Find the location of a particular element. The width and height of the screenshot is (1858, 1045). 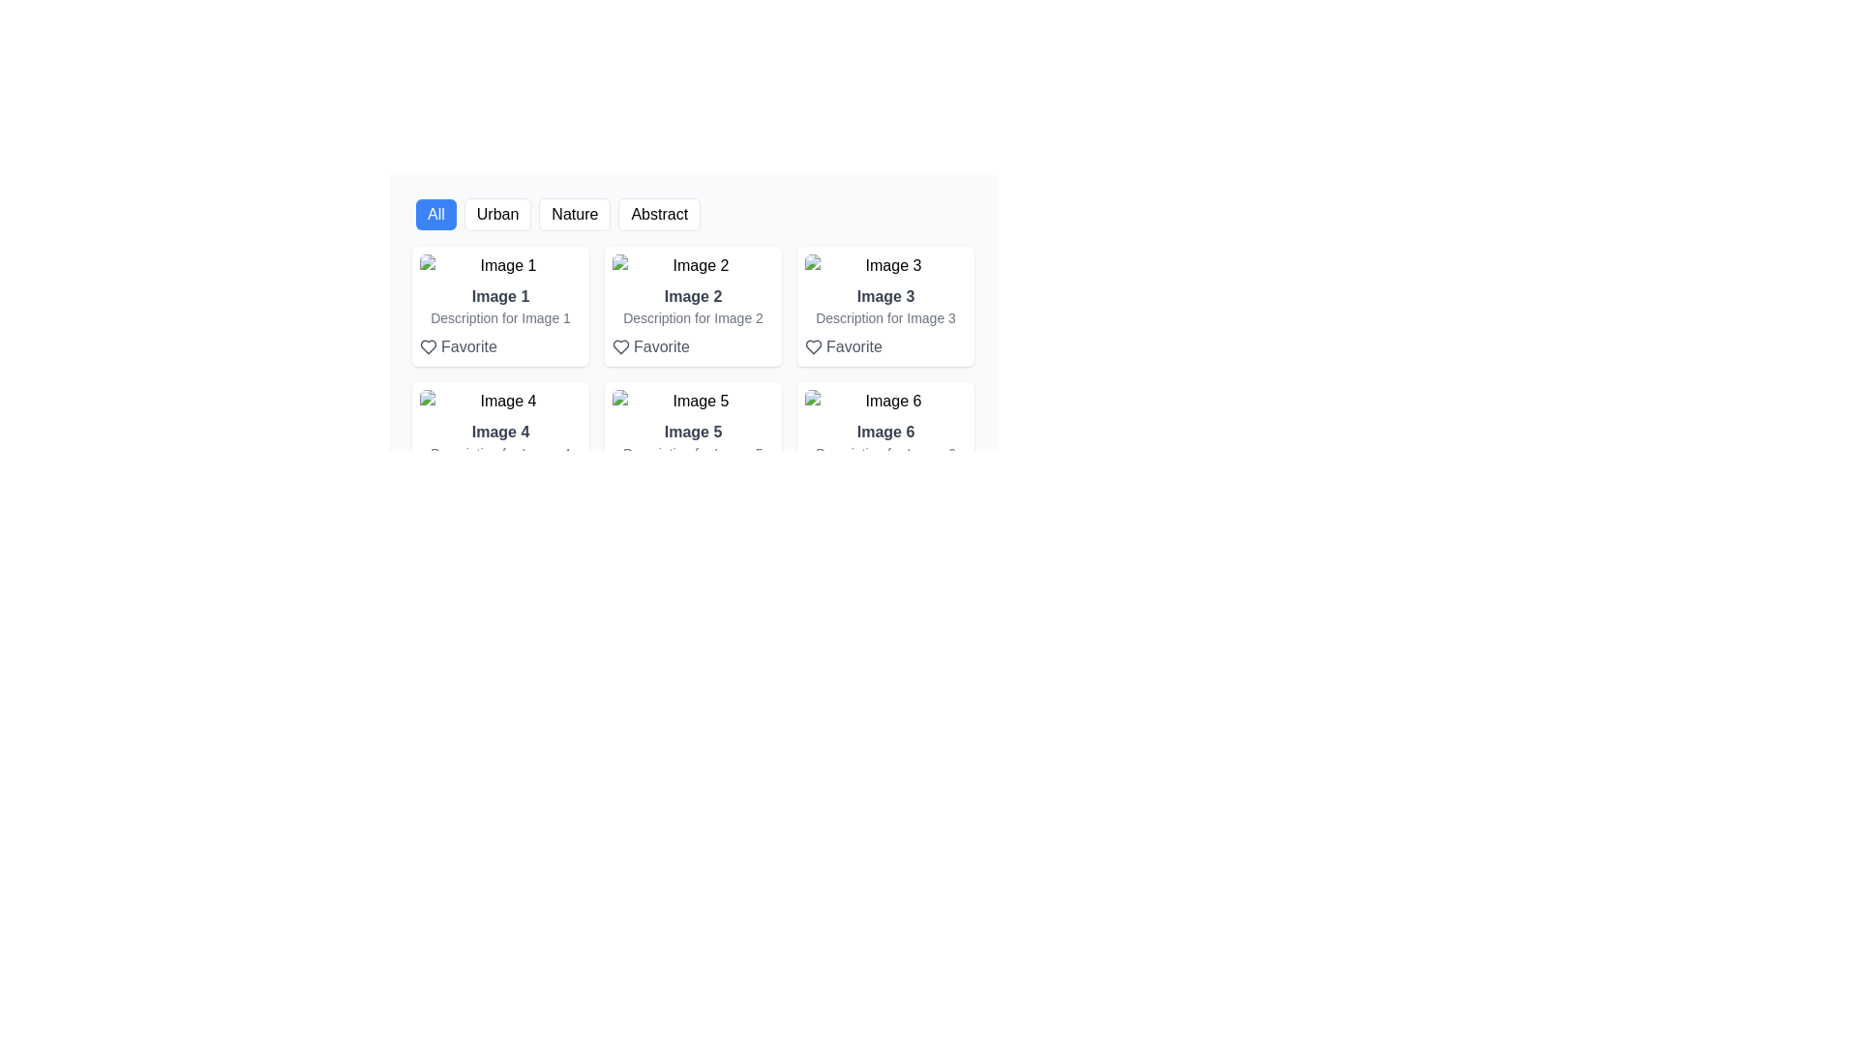

the card with the heading 'Image 3' and description 'Description for Image 3' is located at coordinates (884, 320).